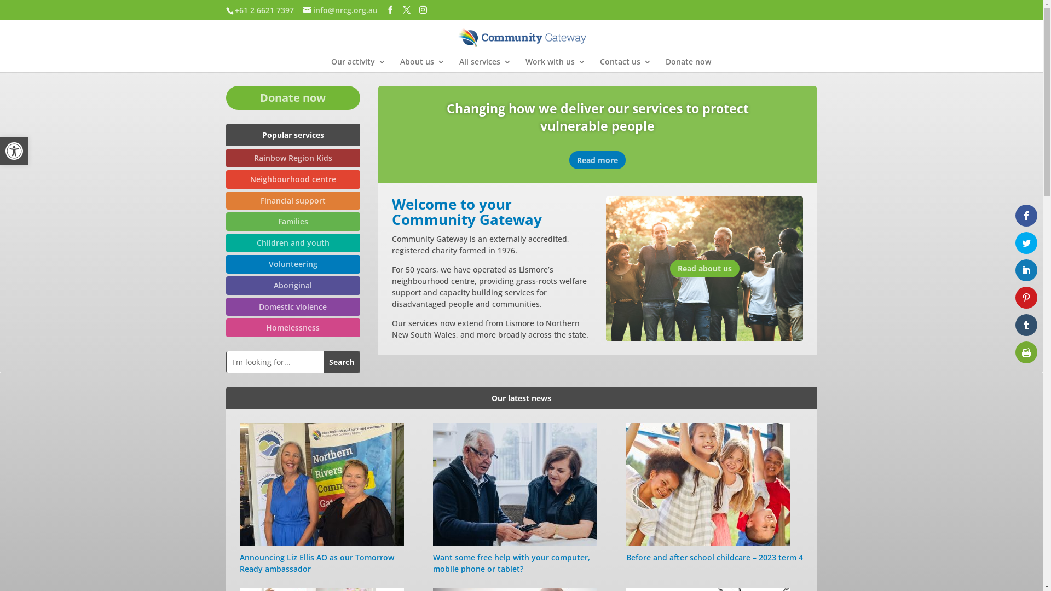 The image size is (1051, 591). Describe the element at coordinates (292, 306) in the screenshot. I see `'Domestic violence'` at that location.